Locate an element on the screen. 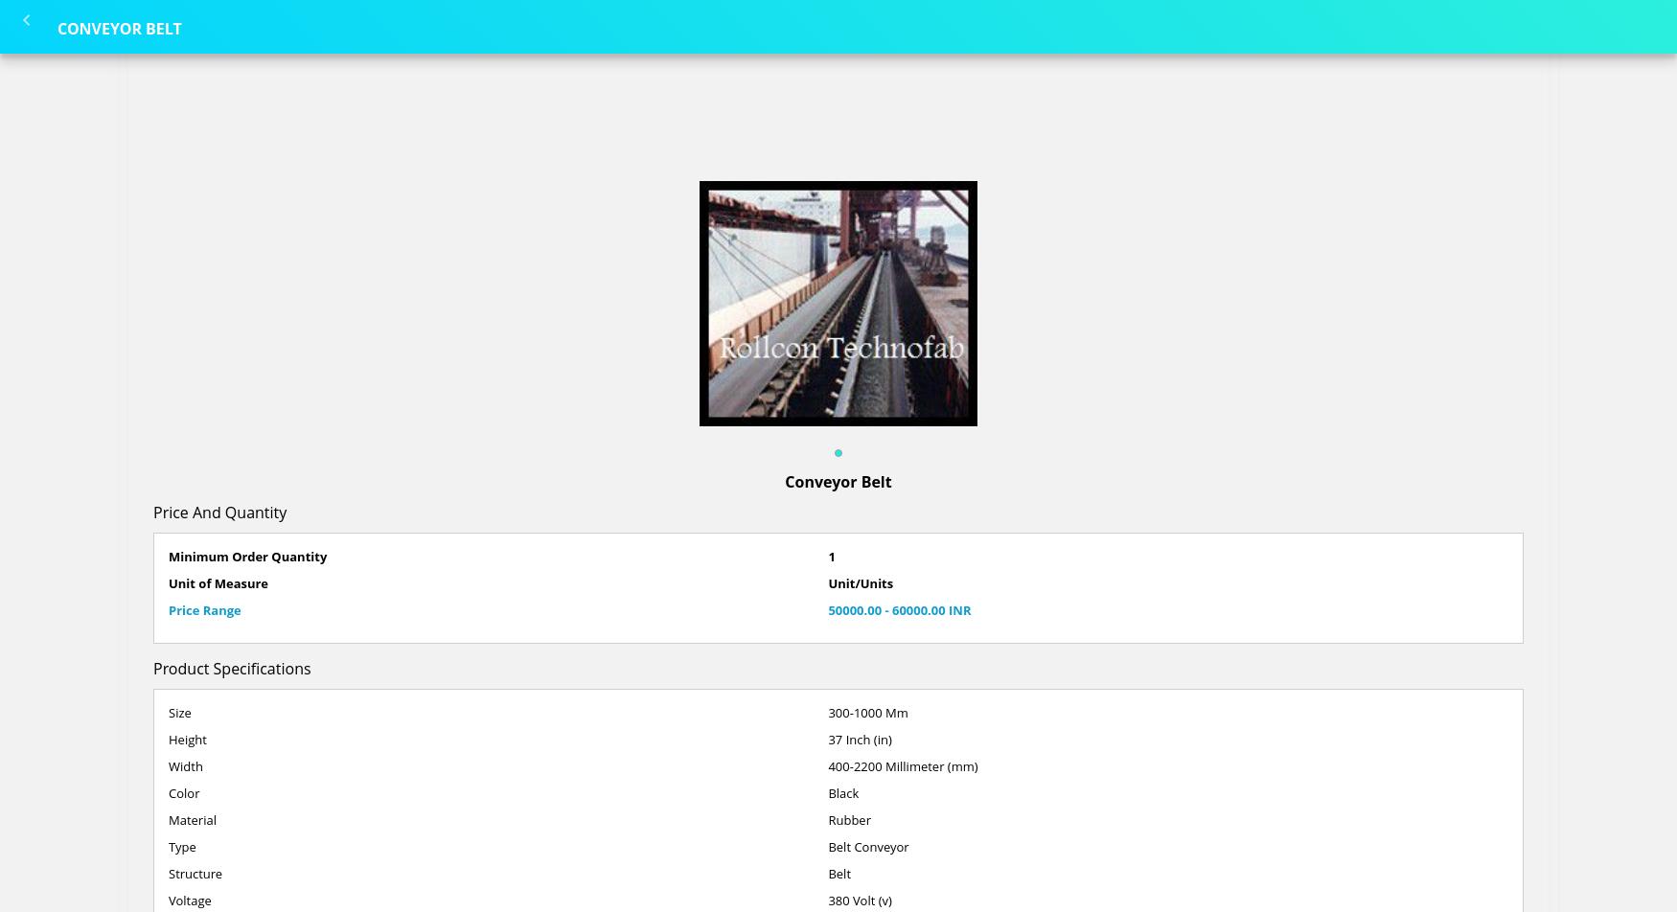 The image size is (1677, 912). 'Color' is located at coordinates (183, 792).